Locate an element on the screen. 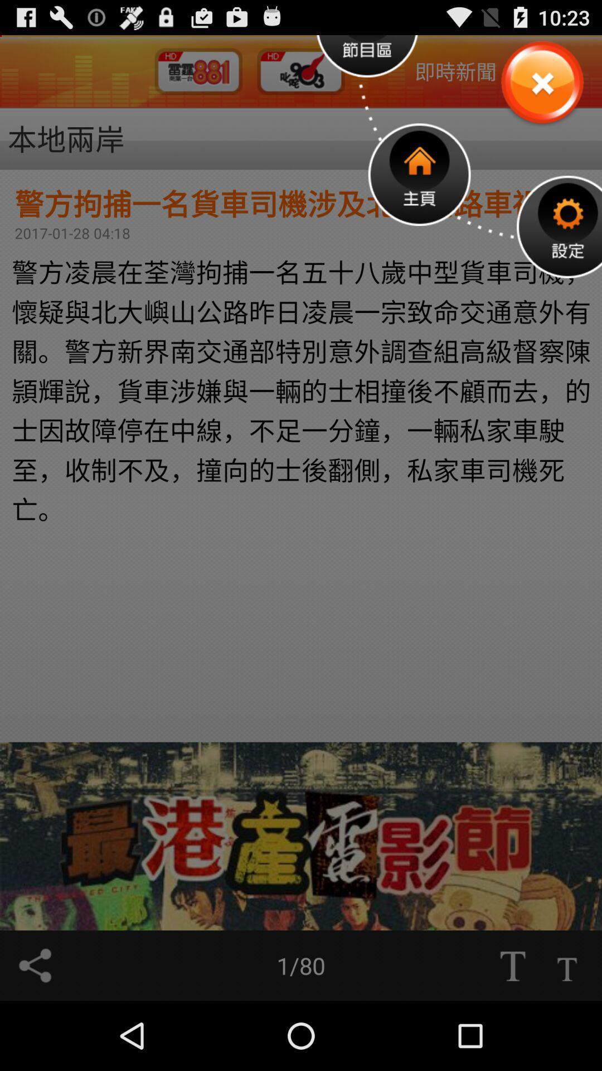 Image resolution: width=602 pixels, height=1071 pixels. cloth the option is located at coordinates (541, 83).